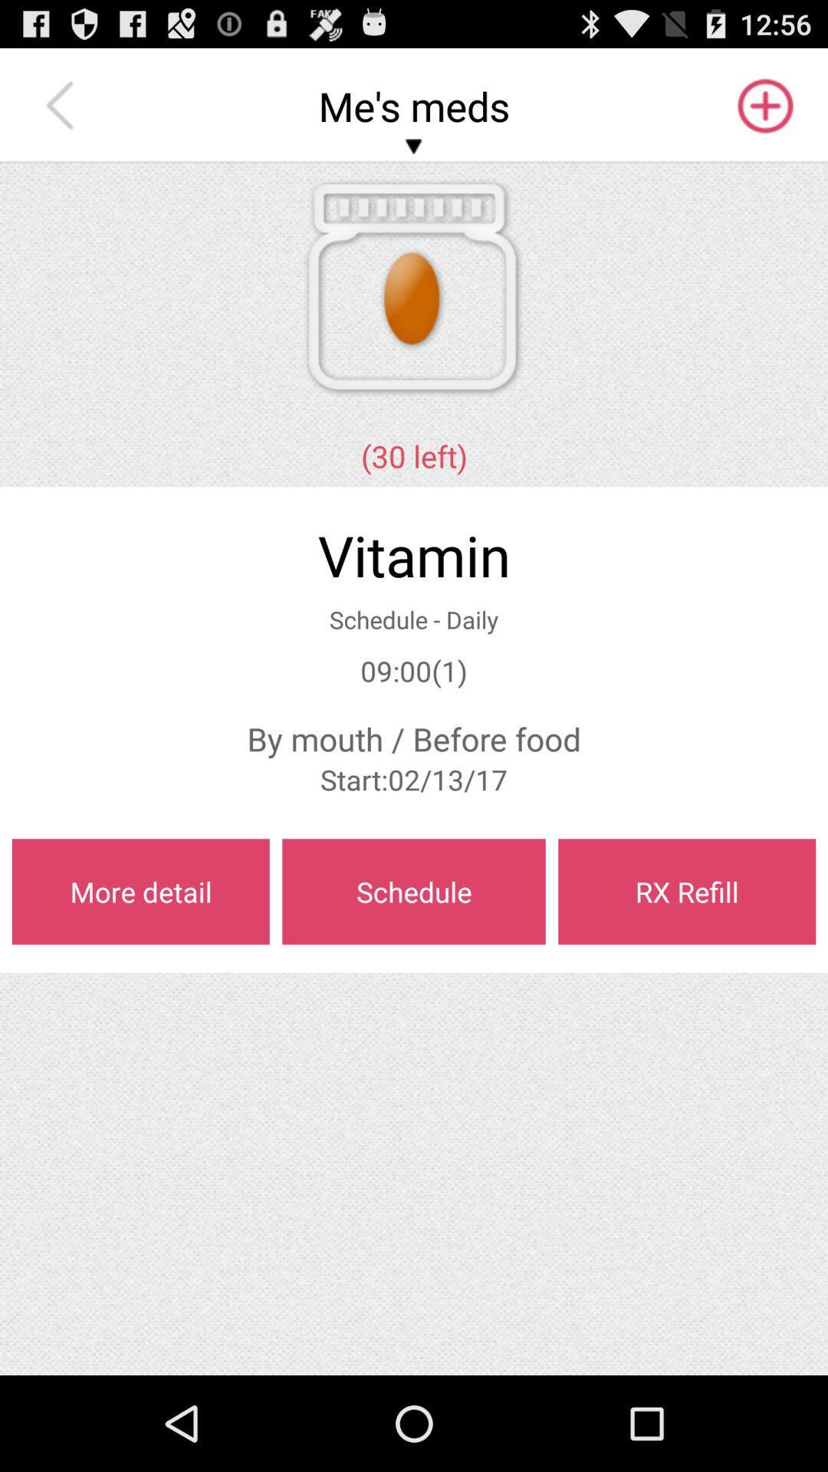 The height and width of the screenshot is (1472, 828). What do you see at coordinates (63, 105) in the screenshot?
I see `the app above the (30 left) item` at bounding box center [63, 105].